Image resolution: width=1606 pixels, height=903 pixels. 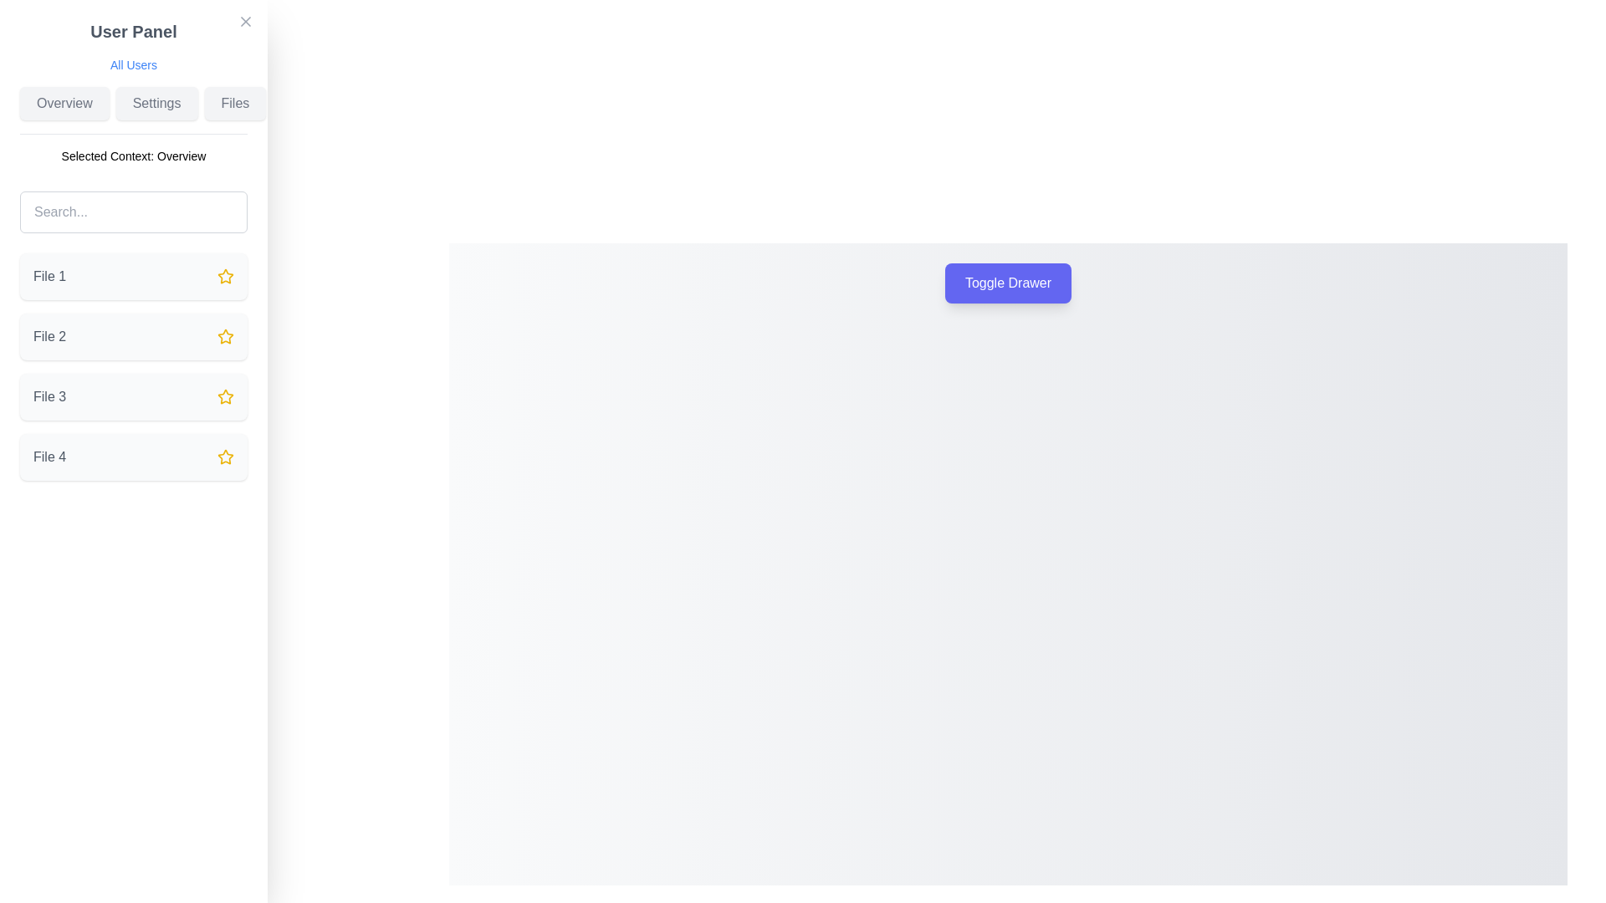 I want to click on the gray text label displaying 'File 4', so click(x=49, y=457).